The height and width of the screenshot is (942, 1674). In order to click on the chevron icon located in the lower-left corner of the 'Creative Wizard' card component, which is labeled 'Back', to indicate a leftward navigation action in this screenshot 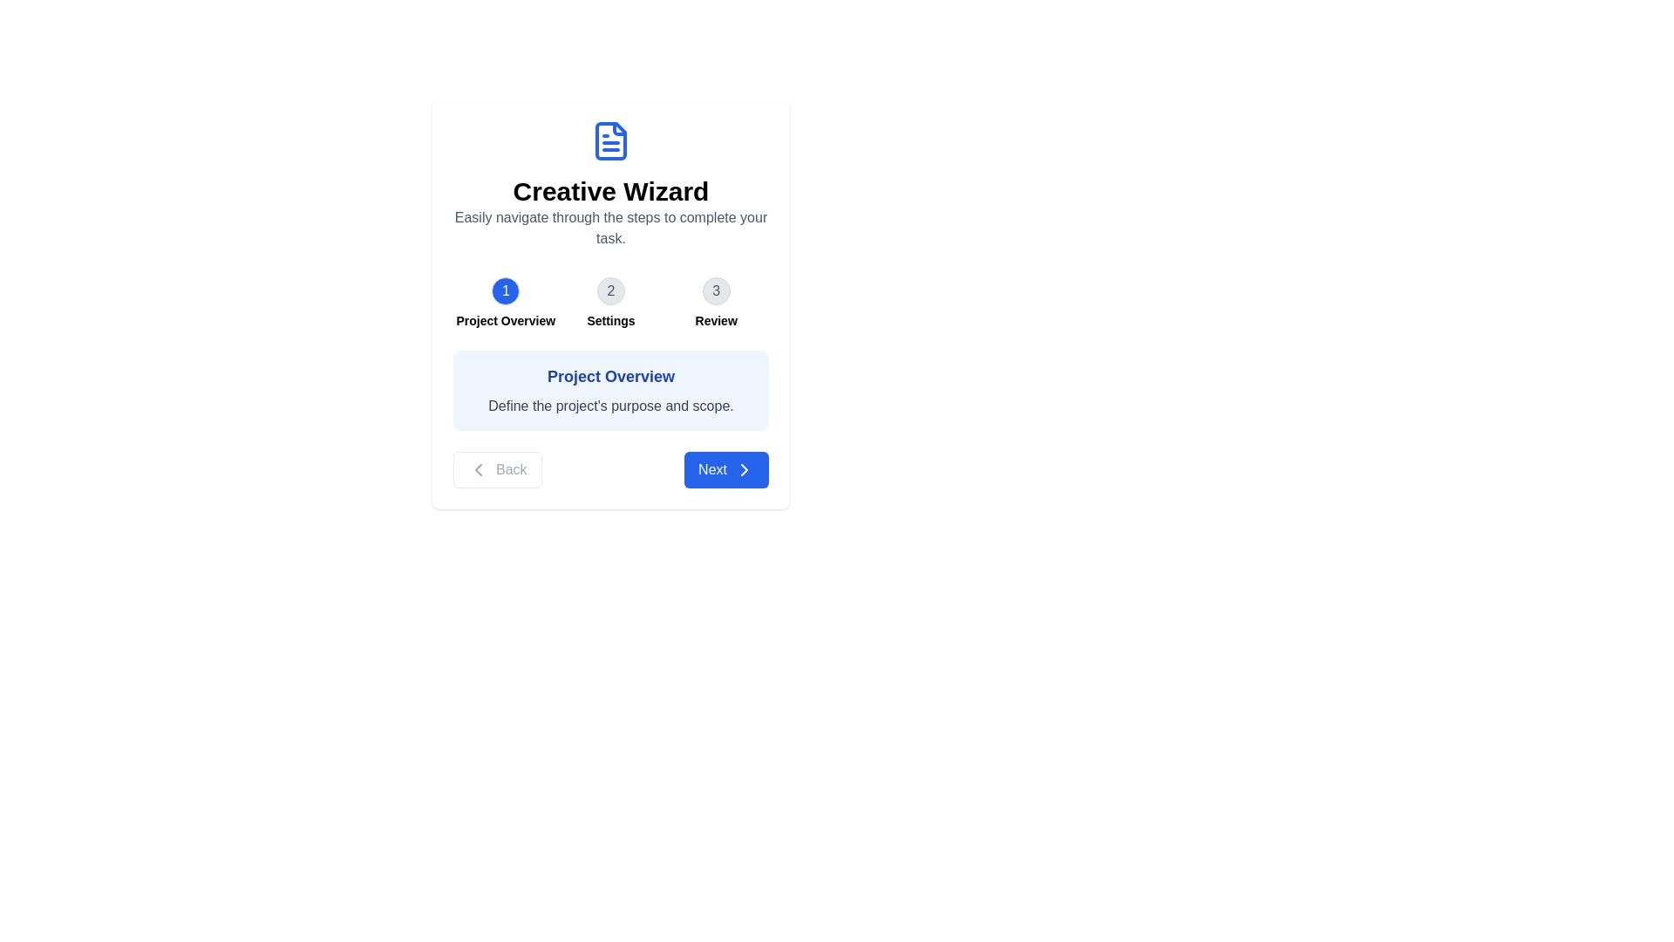, I will do `click(478, 469)`.